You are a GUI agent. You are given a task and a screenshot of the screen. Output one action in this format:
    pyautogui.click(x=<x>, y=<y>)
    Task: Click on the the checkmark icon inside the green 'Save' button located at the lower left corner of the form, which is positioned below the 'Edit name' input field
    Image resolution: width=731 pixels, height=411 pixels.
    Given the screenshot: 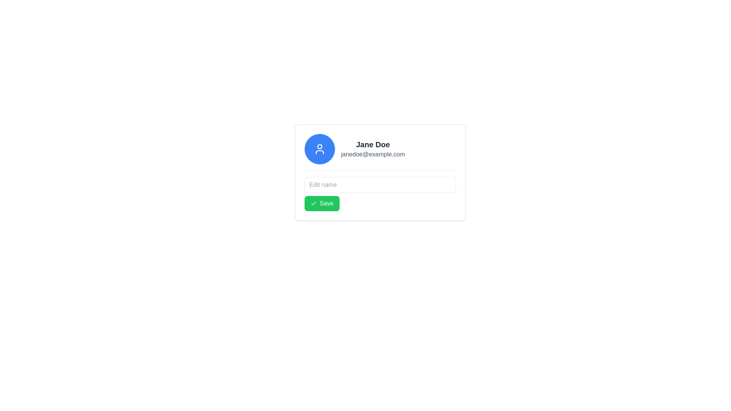 What is the action you would take?
    pyautogui.click(x=313, y=203)
    